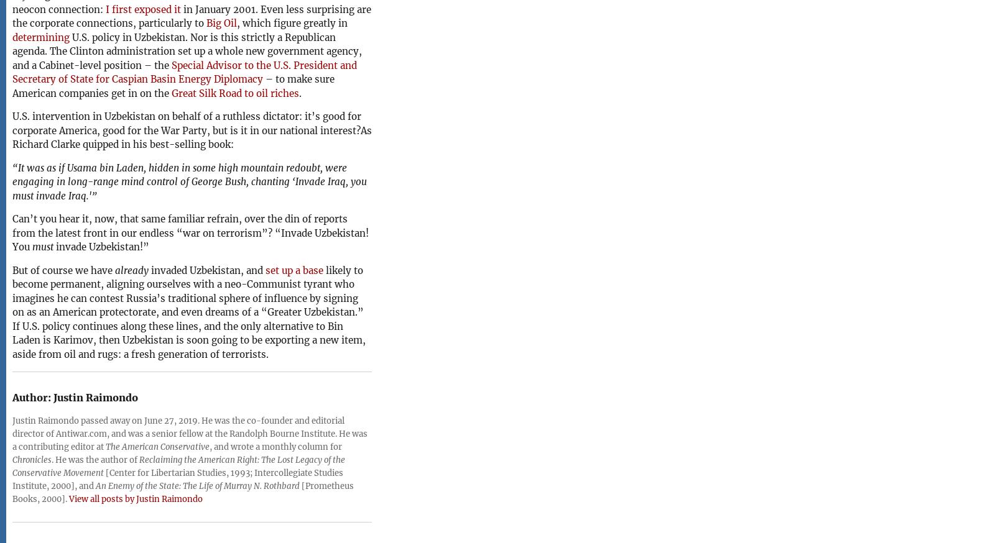 This screenshot has width=995, height=543. What do you see at coordinates (184, 71) in the screenshot?
I see `'Special Advisor to the U.S. President and Secretary of State for Caspian Basin Energy Diplomacy'` at bounding box center [184, 71].